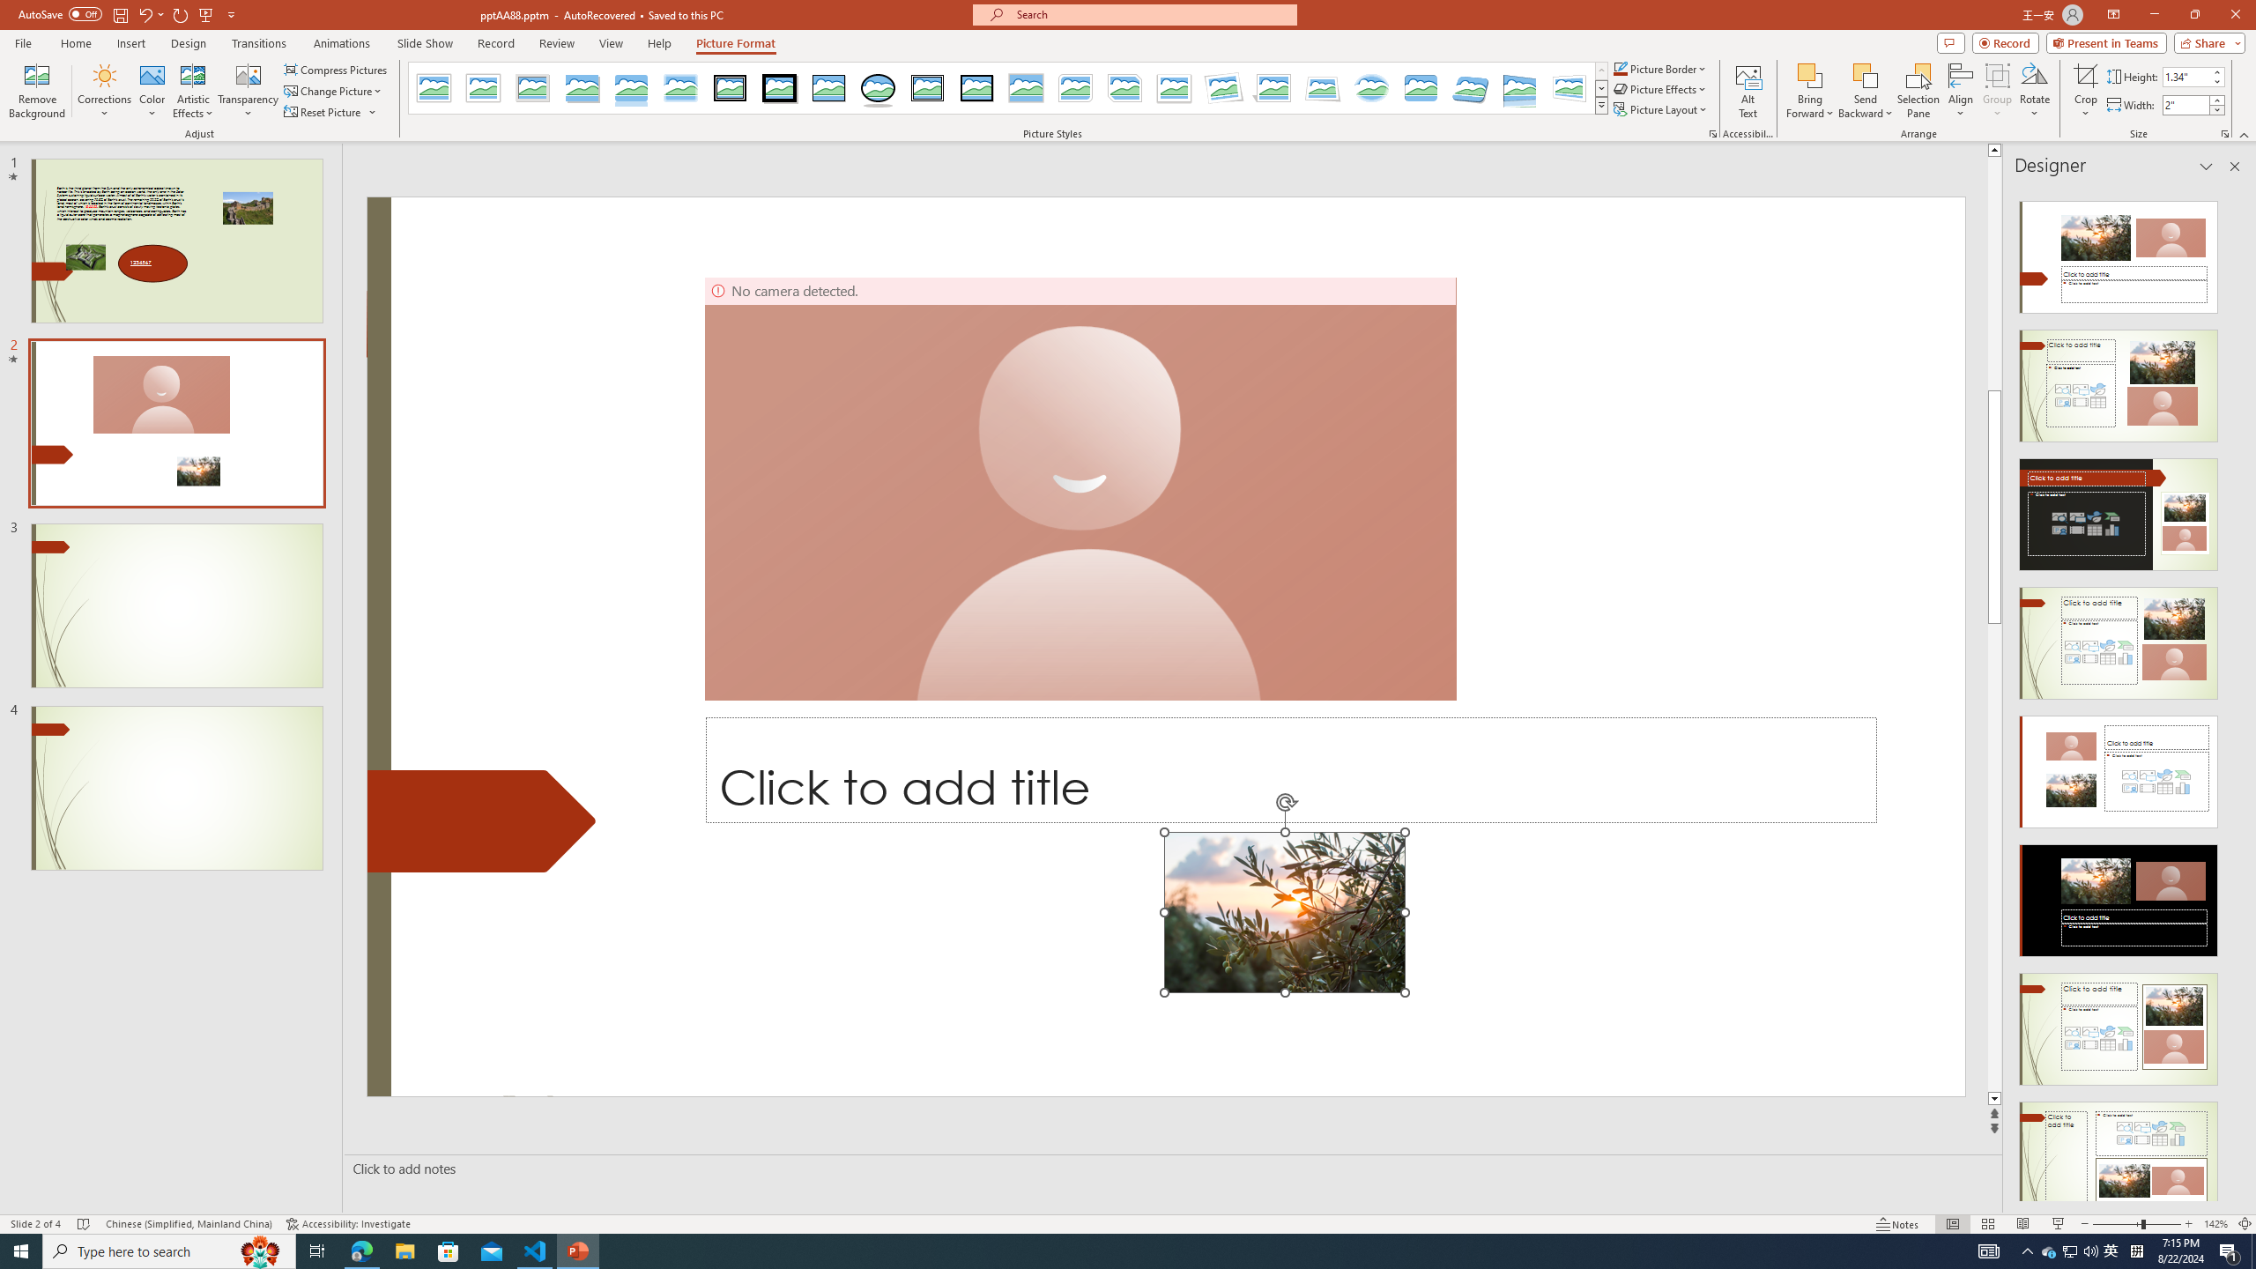  Describe the element at coordinates (1290, 769) in the screenshot. I see `'Title TextBox'` at that location.